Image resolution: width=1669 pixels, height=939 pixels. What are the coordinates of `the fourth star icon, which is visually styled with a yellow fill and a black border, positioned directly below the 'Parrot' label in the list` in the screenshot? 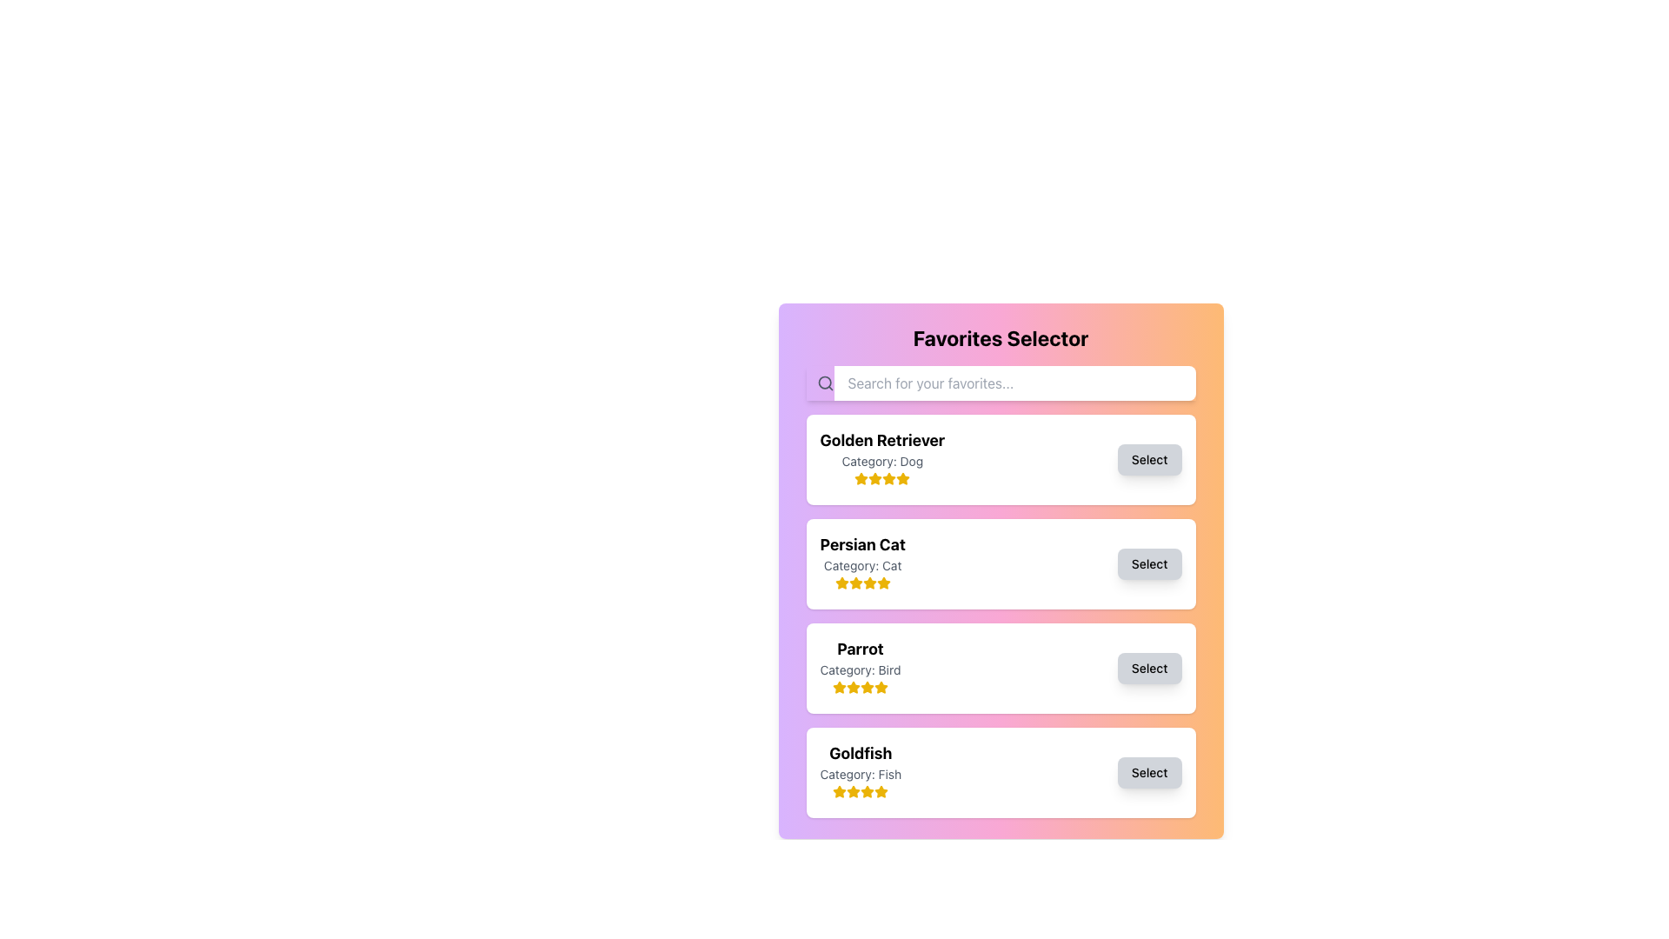 It's located at (881, 686).